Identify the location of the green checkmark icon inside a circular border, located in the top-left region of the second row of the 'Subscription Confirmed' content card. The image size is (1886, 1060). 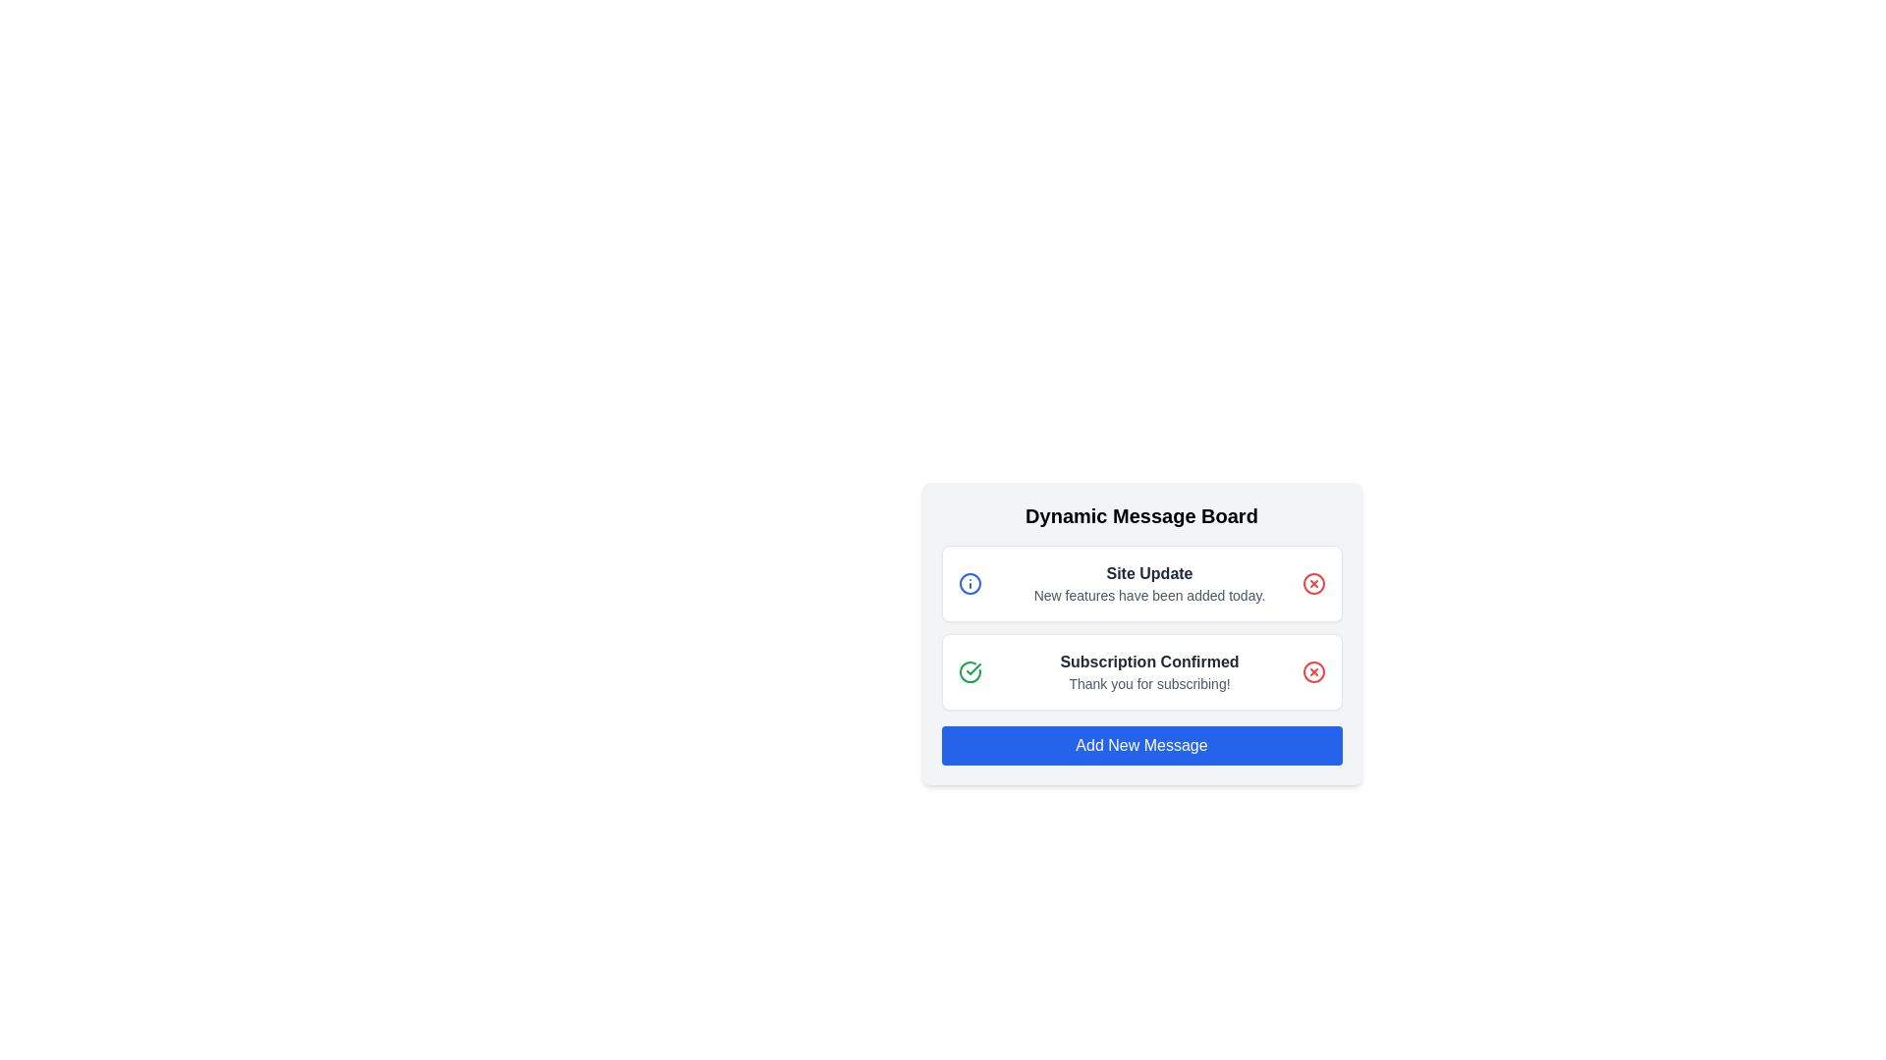
(970, 671).